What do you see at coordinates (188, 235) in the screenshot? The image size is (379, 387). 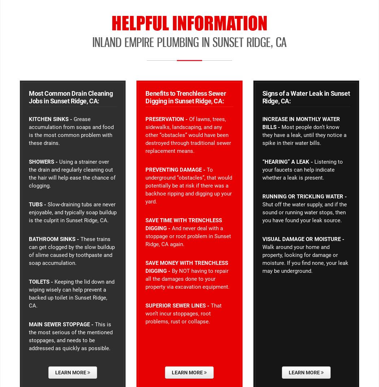 I see `'And never deal with a stoppage or root problem in Sunset Ridge, CA again.'` at bounding box center [188, 235].